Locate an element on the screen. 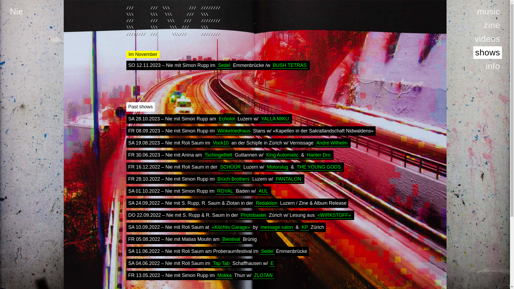  'zine' is located at coordinates (492, 25).